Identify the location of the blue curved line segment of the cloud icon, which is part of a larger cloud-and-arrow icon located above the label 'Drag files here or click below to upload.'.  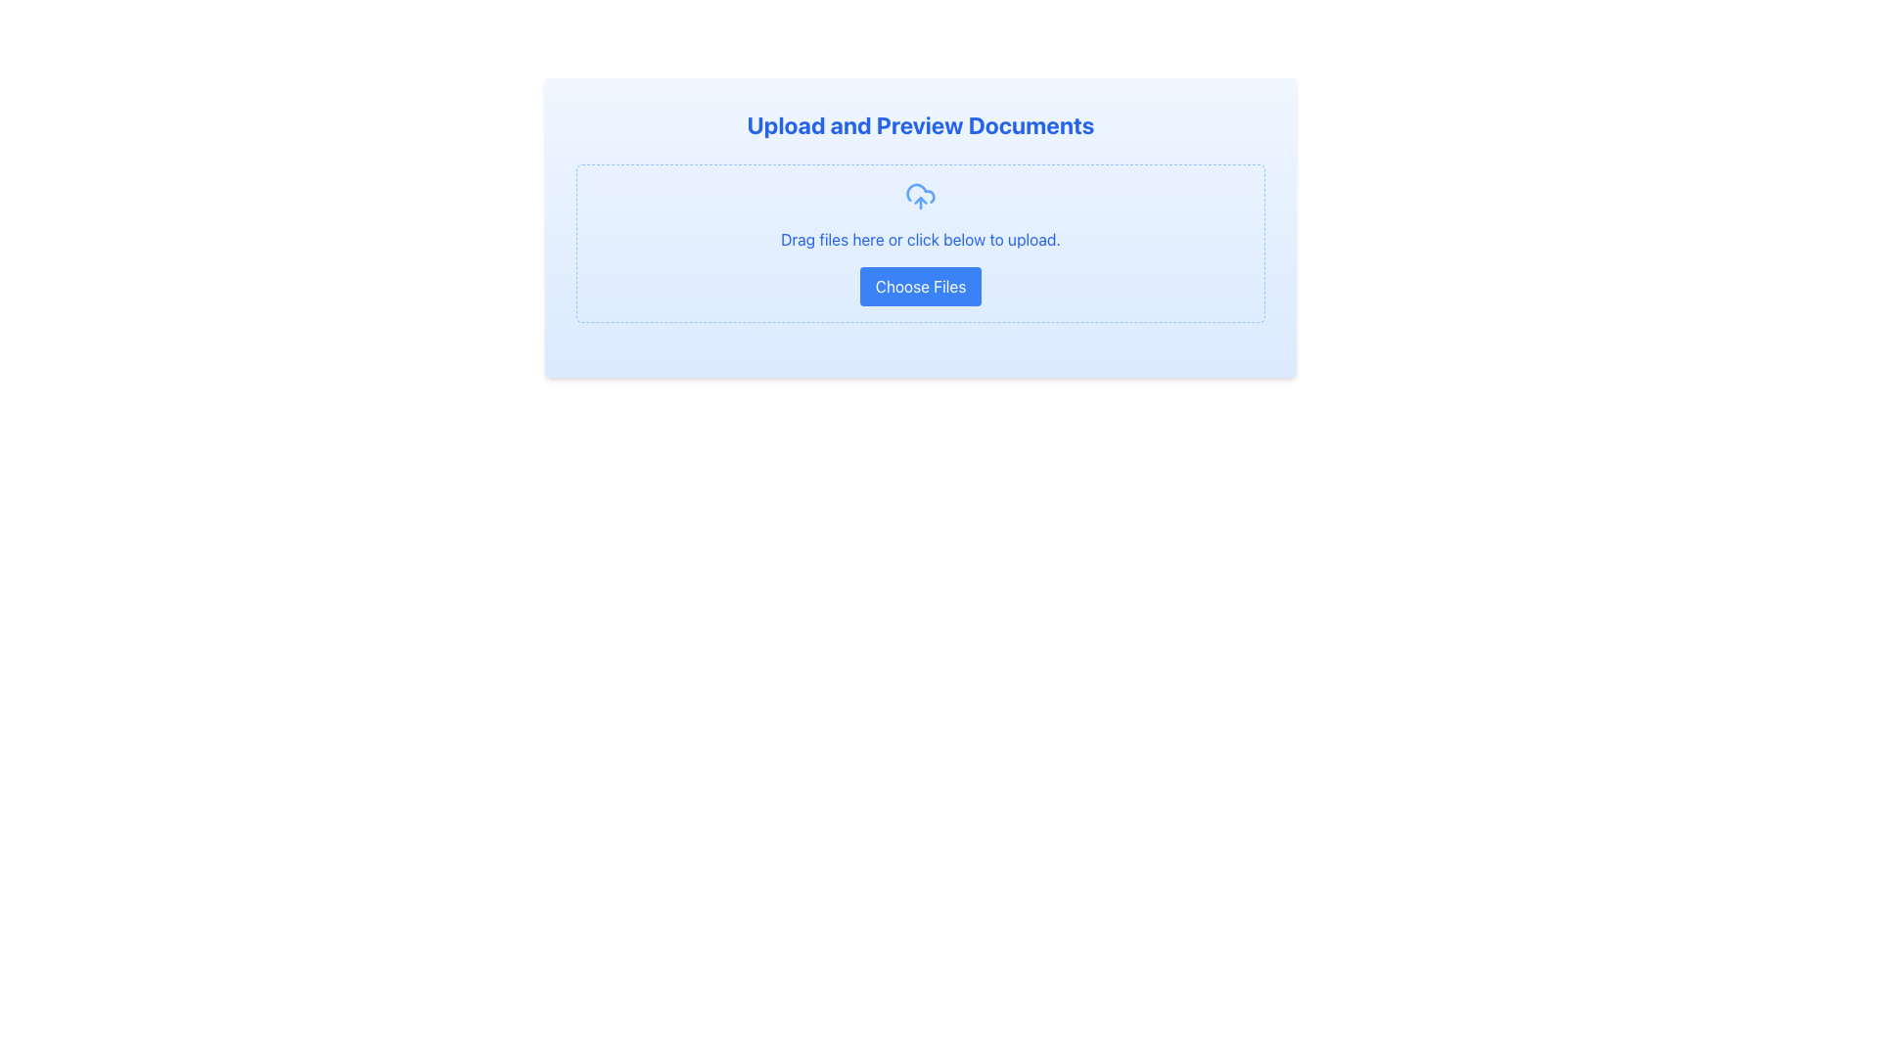
(919, 193).